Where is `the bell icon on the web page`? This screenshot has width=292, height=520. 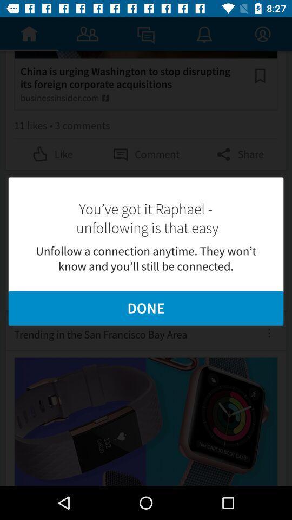 the bell icon on the web page is located at coordinates (204, 34).